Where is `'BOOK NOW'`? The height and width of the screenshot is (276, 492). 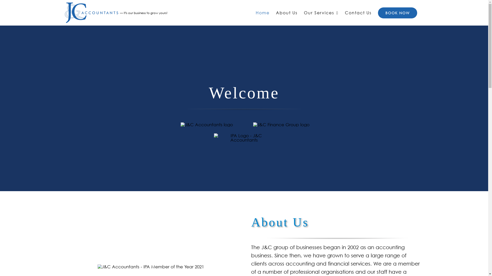 'BOOK NOW' is located at coordinates (397, 13).